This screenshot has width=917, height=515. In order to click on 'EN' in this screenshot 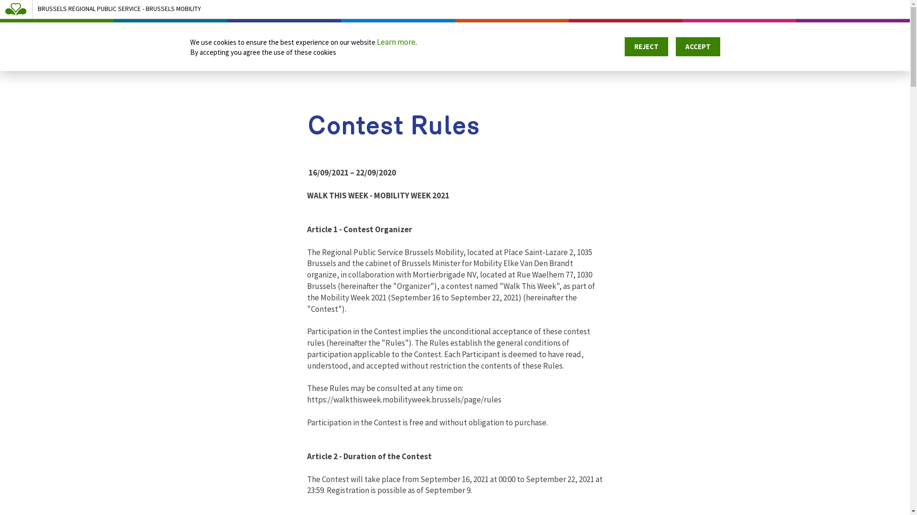, I will do `click(892, 35)`.